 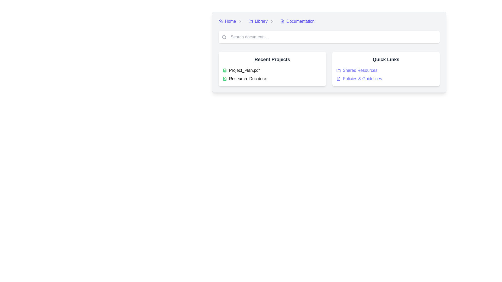 I want to click on the first list item representing the file 'Project_Plan.pdf' in the 'Recent Projects' section of the card interface, so click(x=272, y=70).